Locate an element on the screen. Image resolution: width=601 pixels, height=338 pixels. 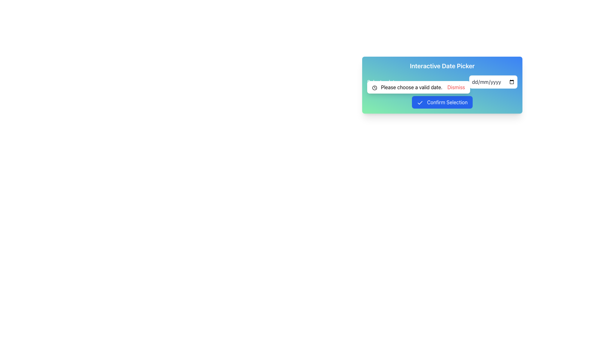
the blue button with rounded corners labeled 'Confirm Selection' to confirm the selection is located at coordinates (442, 102).